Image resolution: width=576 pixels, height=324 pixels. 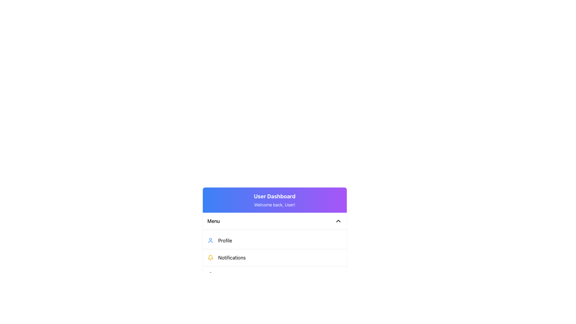 What do you see at coordinates (338, 221) in the screenshot?
I see `the Toggle Indicator Icon, a small, rotated chevron icon with a thin, rounded black stroke, located to the right of the 'Menu' text` at bounding box center [338, 221].